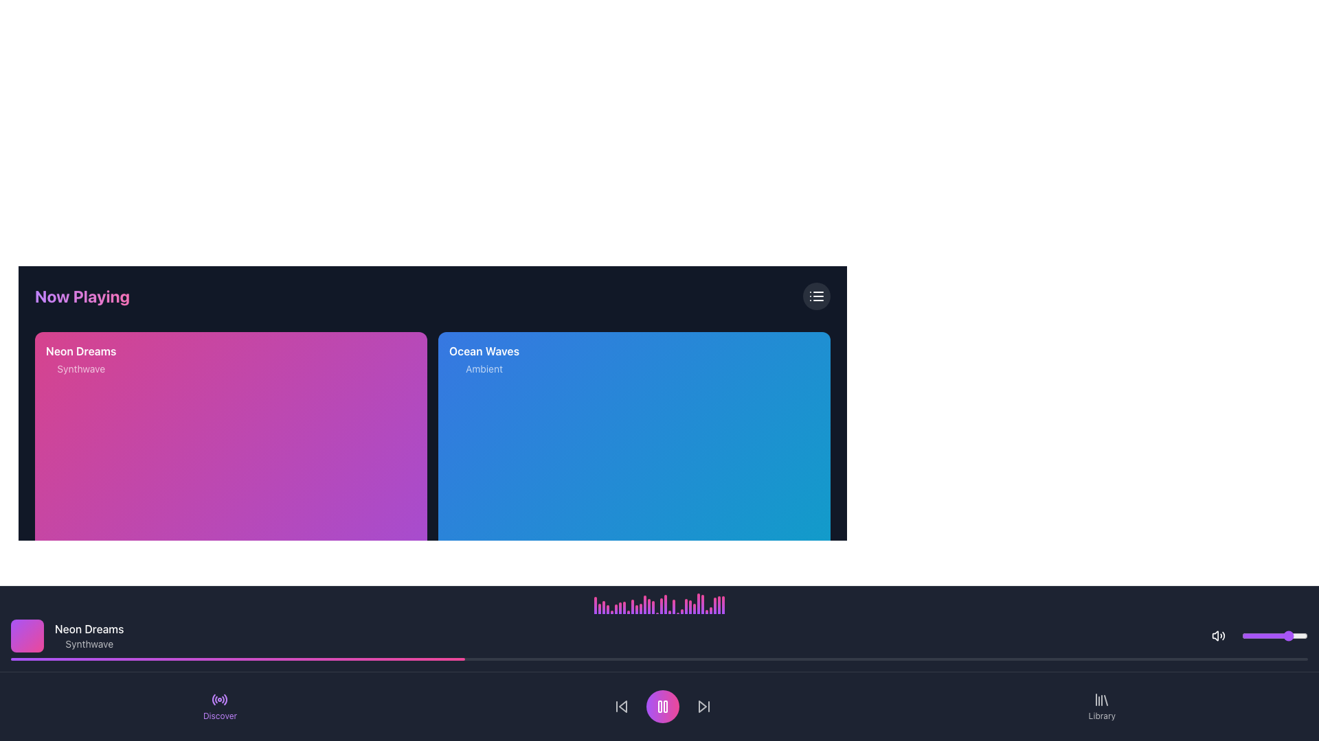 This screenshot has height=741, width=1319. I want to click on the right bar of the Pause button icon, which is a narrow vertical bar with rounded edges, as part of the visual feedback, so click(665, 706).